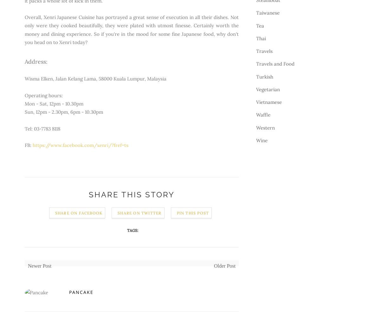  I want to click on 'Share on Twitter', so click(139, 213).